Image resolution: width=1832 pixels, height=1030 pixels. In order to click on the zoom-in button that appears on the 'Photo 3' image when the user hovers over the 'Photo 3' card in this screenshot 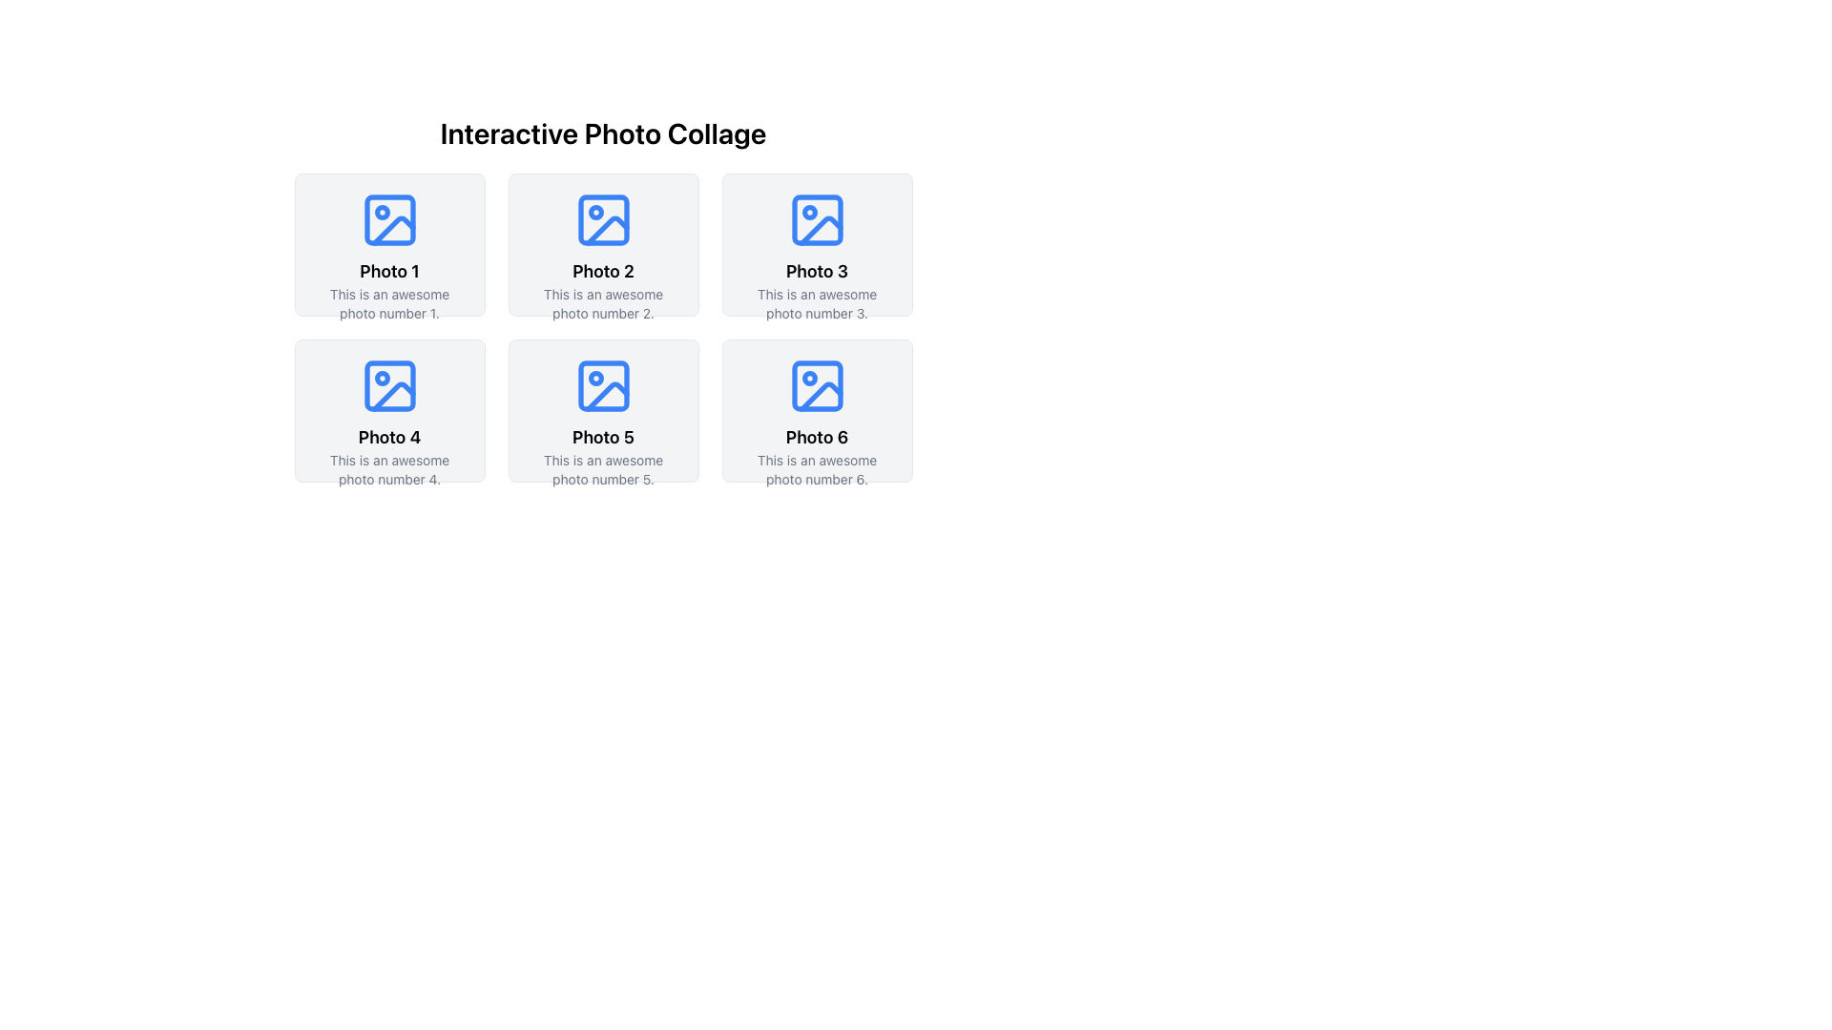, I will do `click(817, 244)`.